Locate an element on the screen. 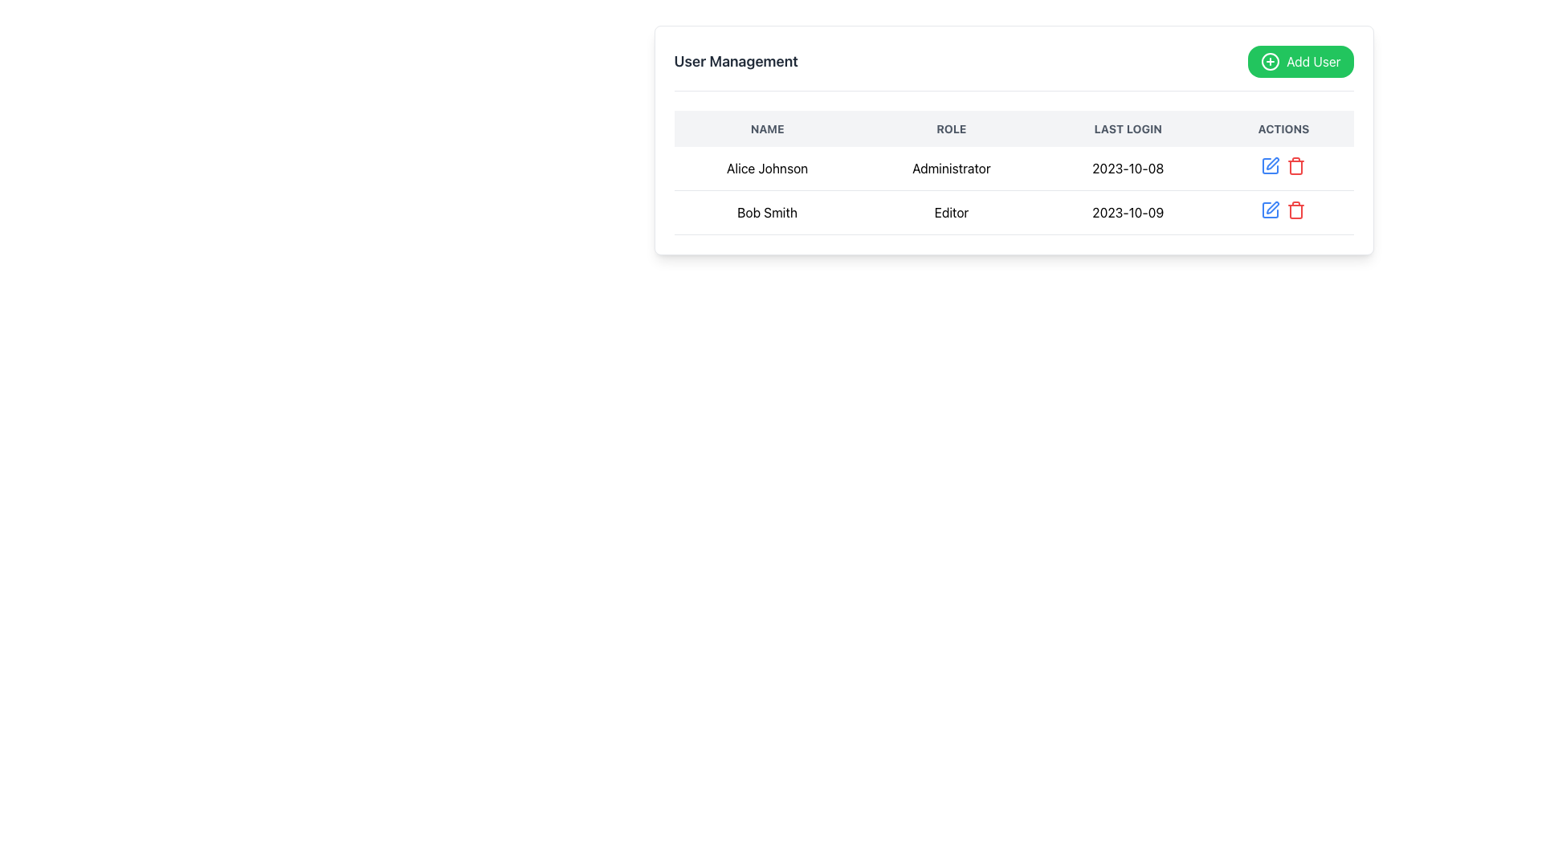 This screenshot has width=1542, height=867. the 'Delete' icon button located in the Actions column of the second row for user 'Bob Smith' is located at coordinates (1296, 166).